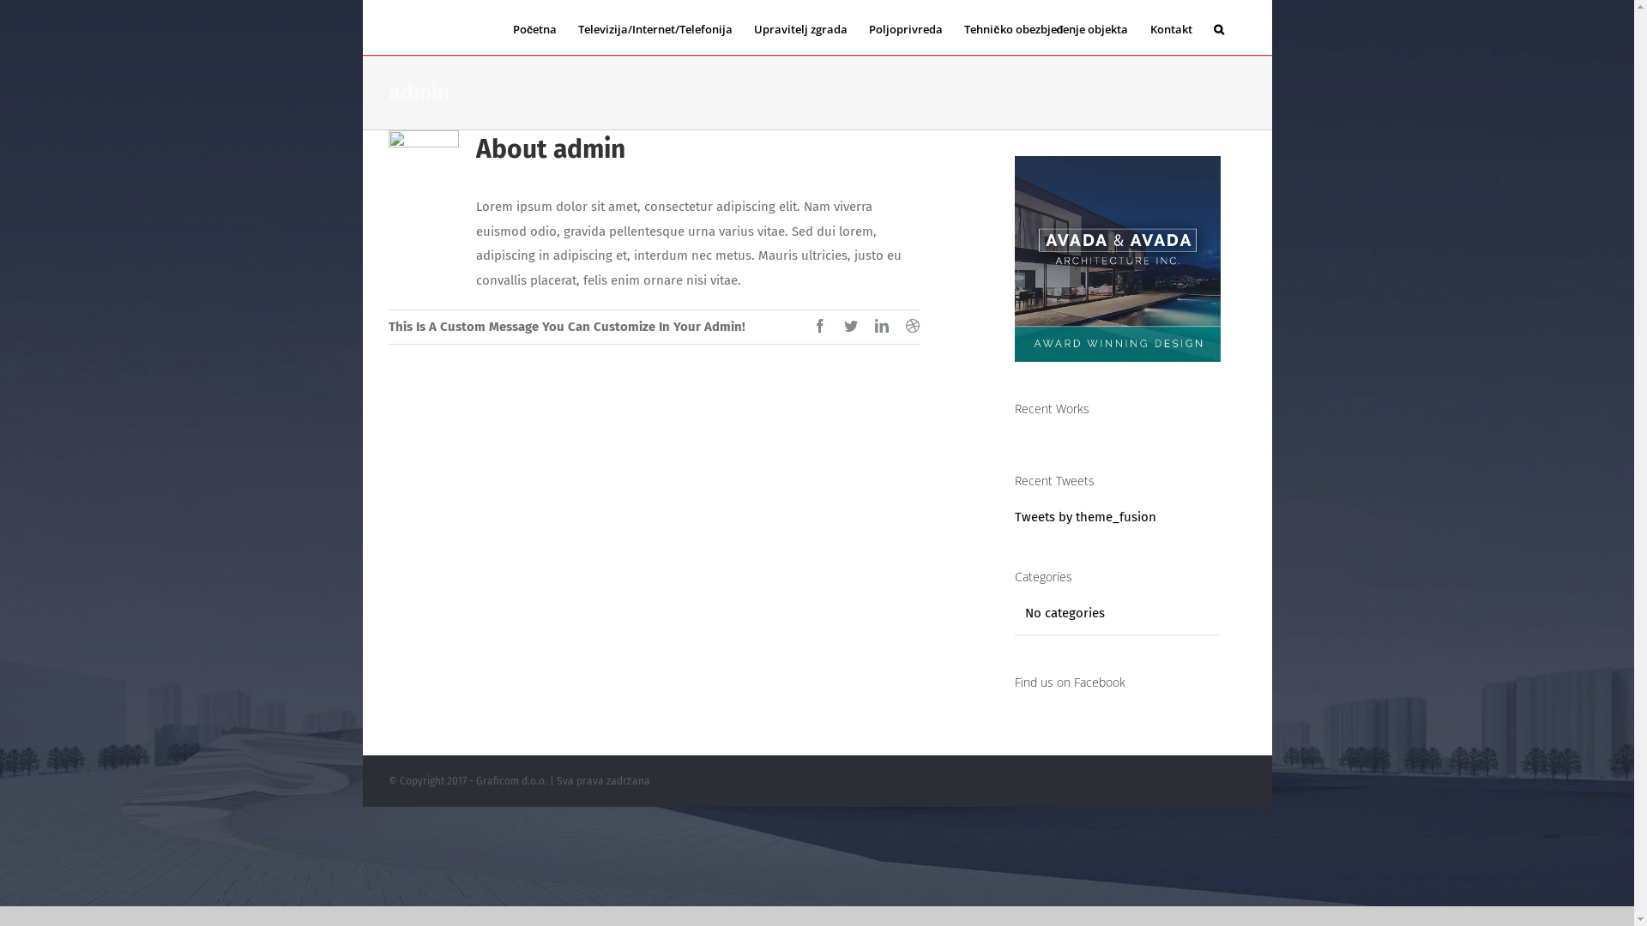 The height and width of the screenshot is (926, 1647). What do you see at coordinates (654, 27) in the screenshot?
I see `'Televizija/Internet/Telefonija'` at bounding box center [654, 27].